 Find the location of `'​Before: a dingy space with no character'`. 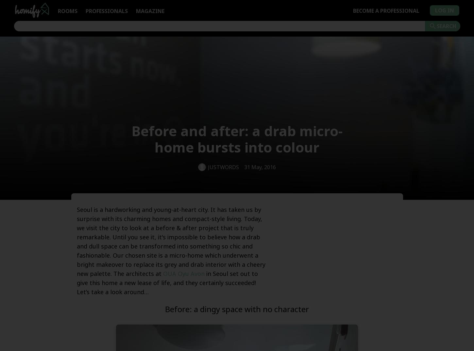

'​Before: a dingy space with no character' is located at coordinates (237, 309).